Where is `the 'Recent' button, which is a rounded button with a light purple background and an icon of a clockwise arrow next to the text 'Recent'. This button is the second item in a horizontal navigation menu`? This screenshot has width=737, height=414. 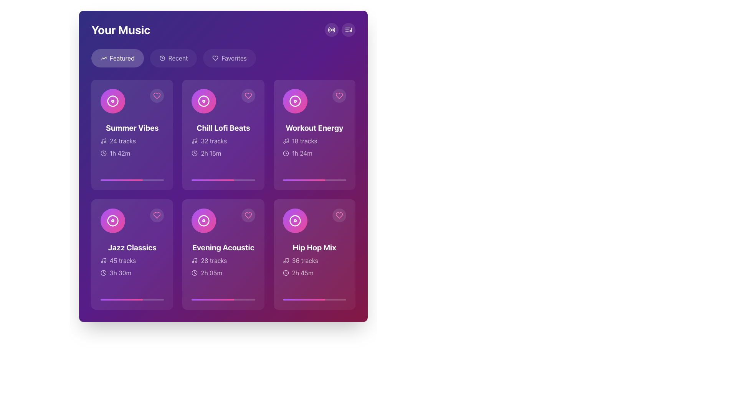
the 'Recent' button, which is a rounded button with a light purple background and an icon of a clockwise arrow next to the text 'Recent'. This button is the second item in a horizontal navigation menu is located at coordinates (173, 58).